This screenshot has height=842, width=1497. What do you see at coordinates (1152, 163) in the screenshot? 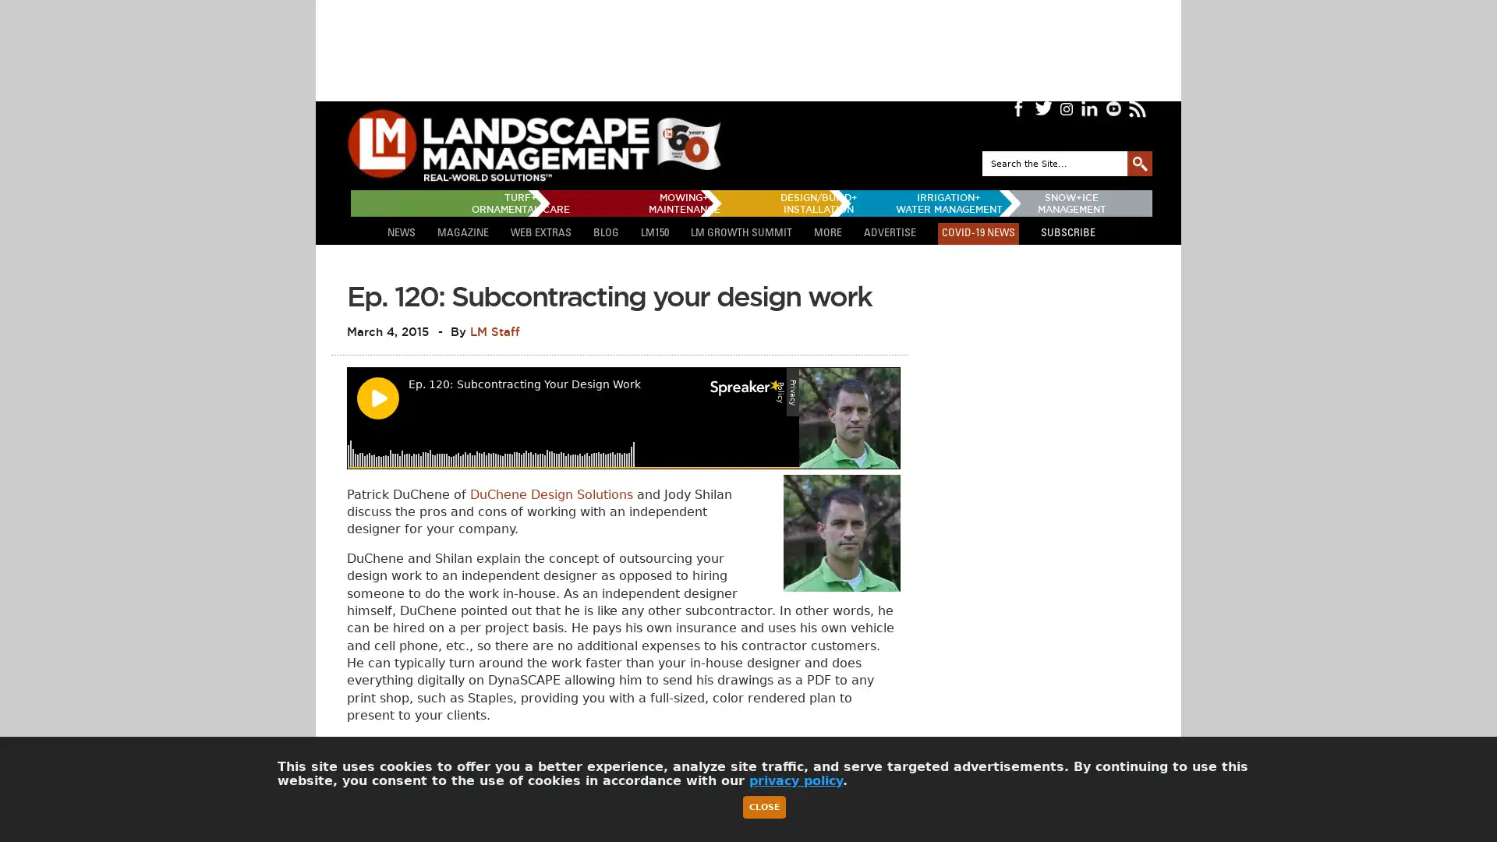
I see `GO` at bounding box center [1152, 163].